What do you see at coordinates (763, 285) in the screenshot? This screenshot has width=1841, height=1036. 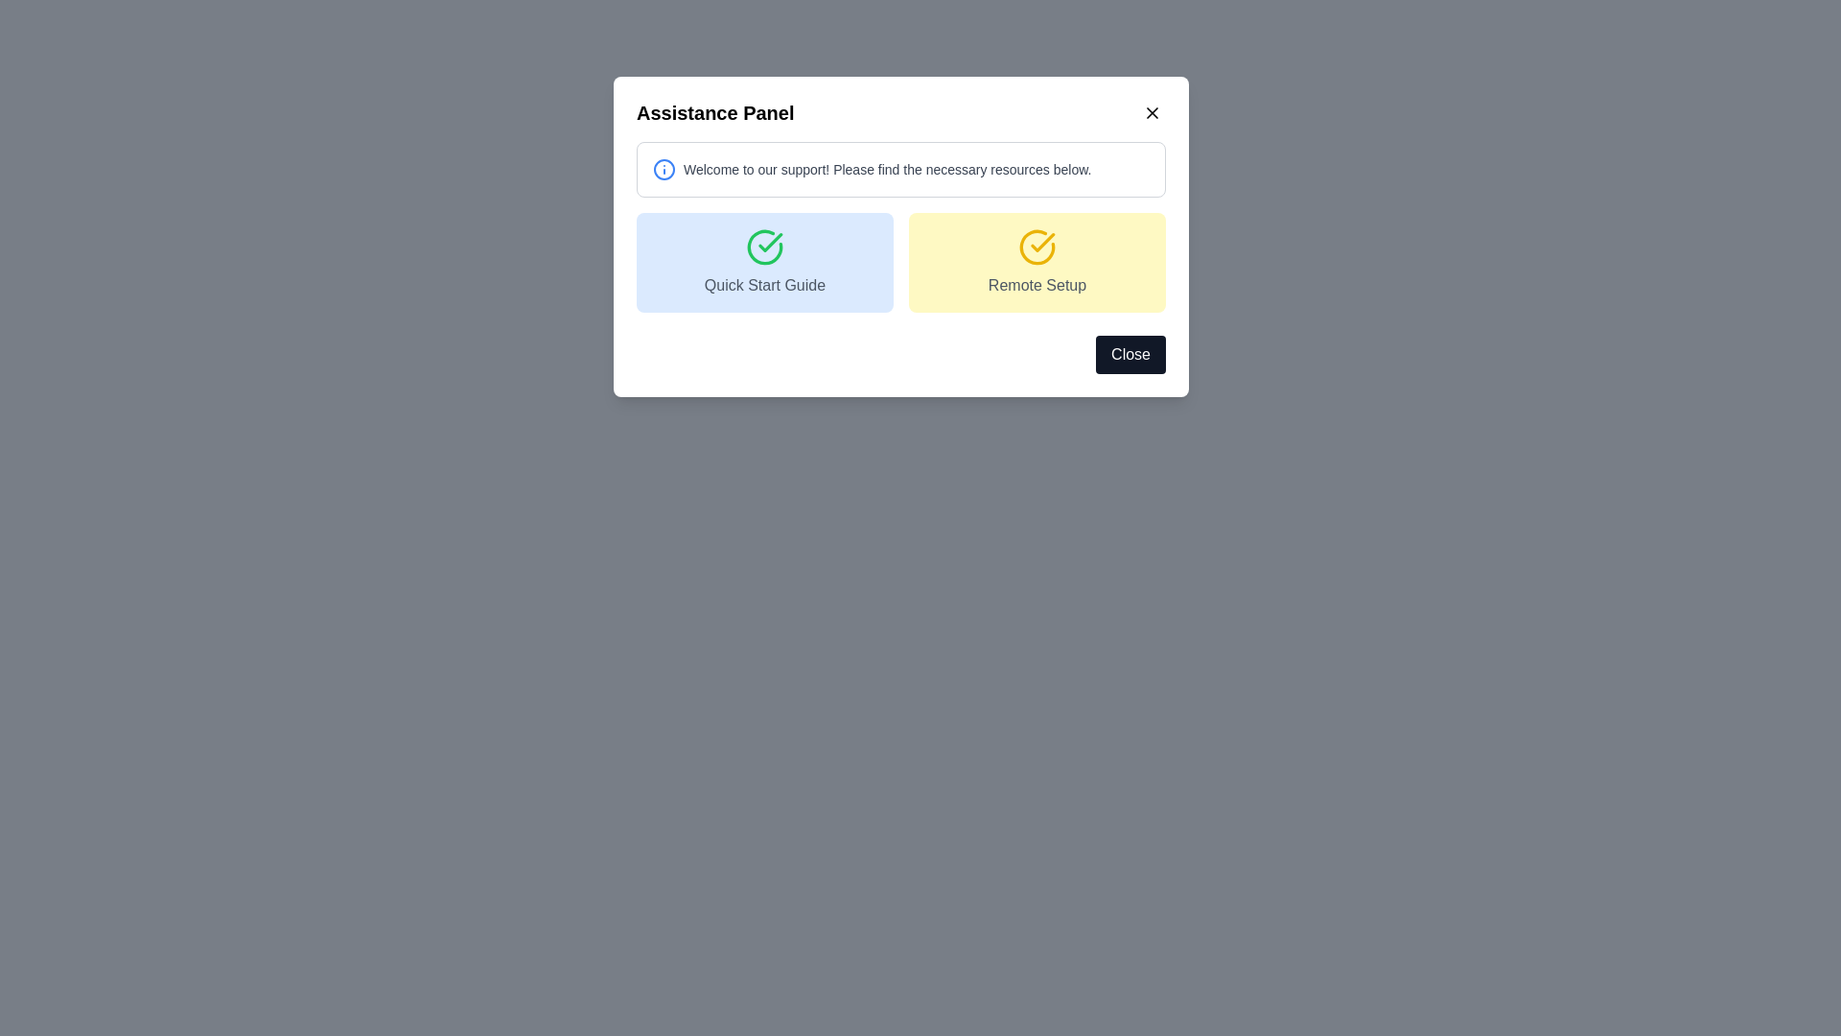 I see `the 'Quick Start Guide' text label located centrally below the green checkmark icon in the left card of two side-by-side cards with a light blue background` at bounding box center [763, 285].